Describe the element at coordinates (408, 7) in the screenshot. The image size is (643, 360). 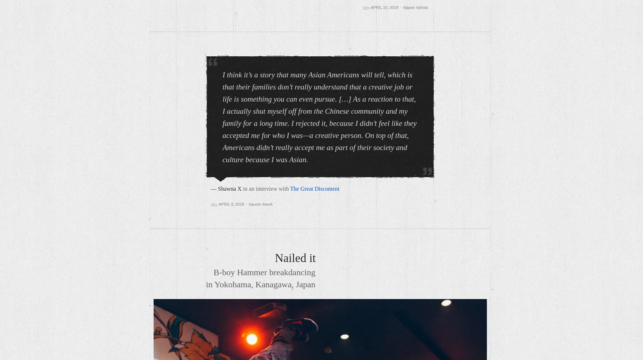
I see `'#japan'` at that location.